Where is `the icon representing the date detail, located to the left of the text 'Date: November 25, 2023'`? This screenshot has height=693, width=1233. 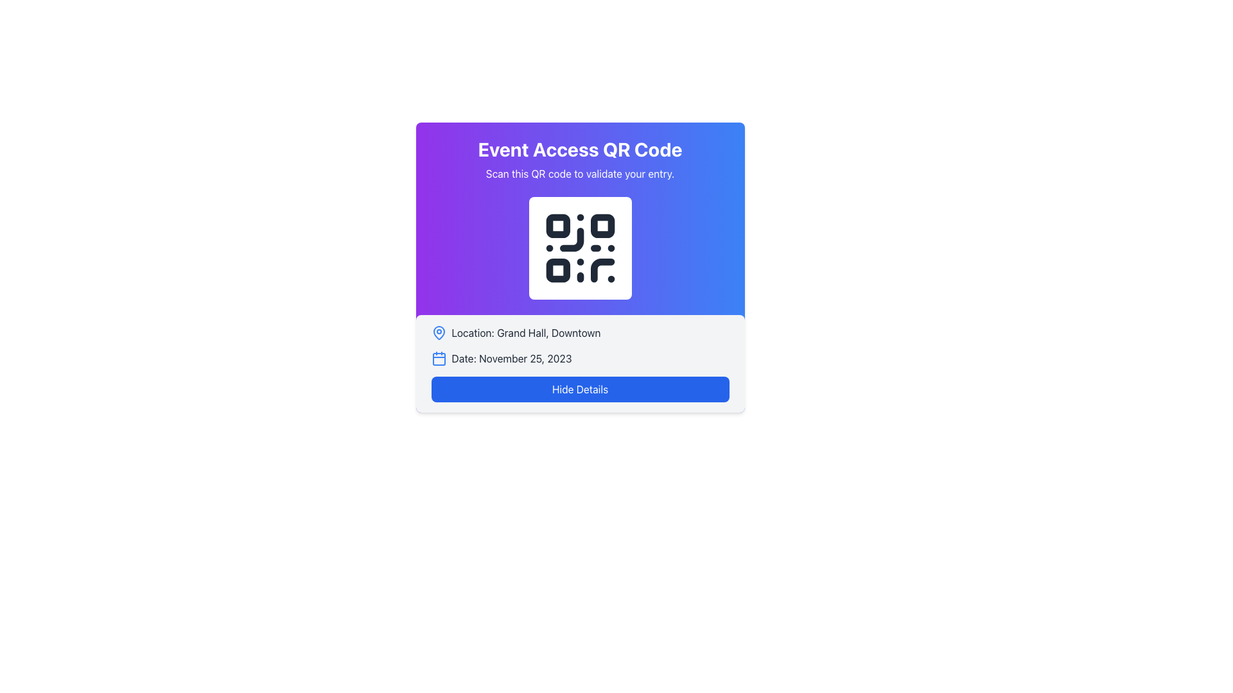 the icon representing the date detail, located to the left of the text 'Date: November 25, 2023' is located at coordinates (439, 359).